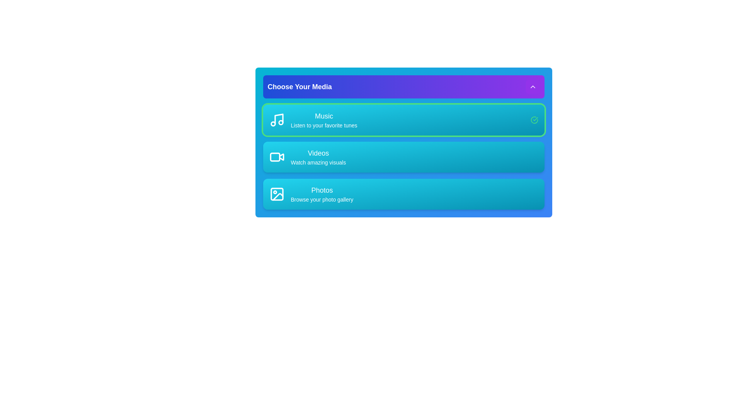 This screenshot has width=742, height=417. What do you see at coordinates (311, 193) in the screenshot?
I see `the media category Photos by clicking on its corresponding button` at bounding box center [311, 193].